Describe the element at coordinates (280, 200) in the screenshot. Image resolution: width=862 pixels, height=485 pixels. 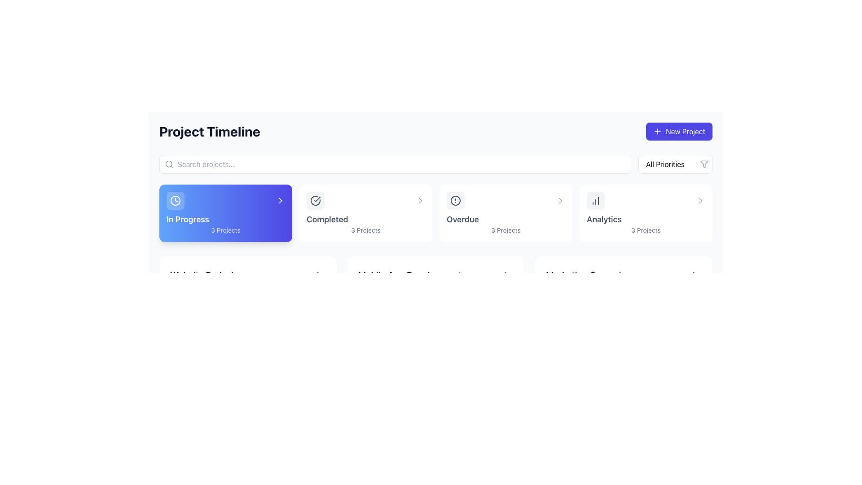
I see `the rightward-pointing chevron icon located on the right edge of the 'In Progress' card` at that location.